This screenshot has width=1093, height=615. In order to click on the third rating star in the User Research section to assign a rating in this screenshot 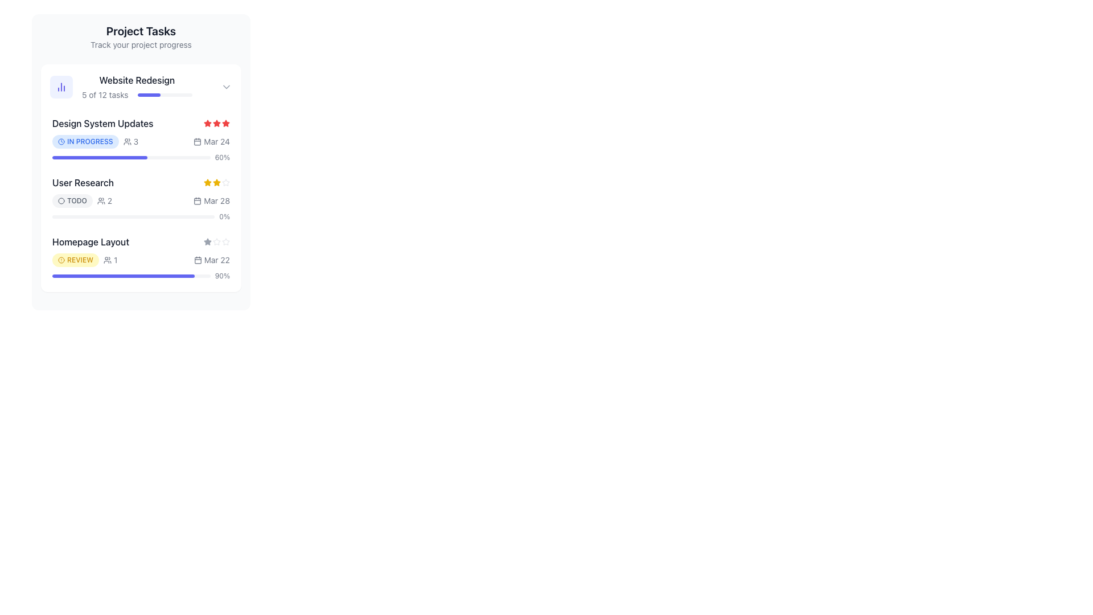, I will do `click(207, 182)`.